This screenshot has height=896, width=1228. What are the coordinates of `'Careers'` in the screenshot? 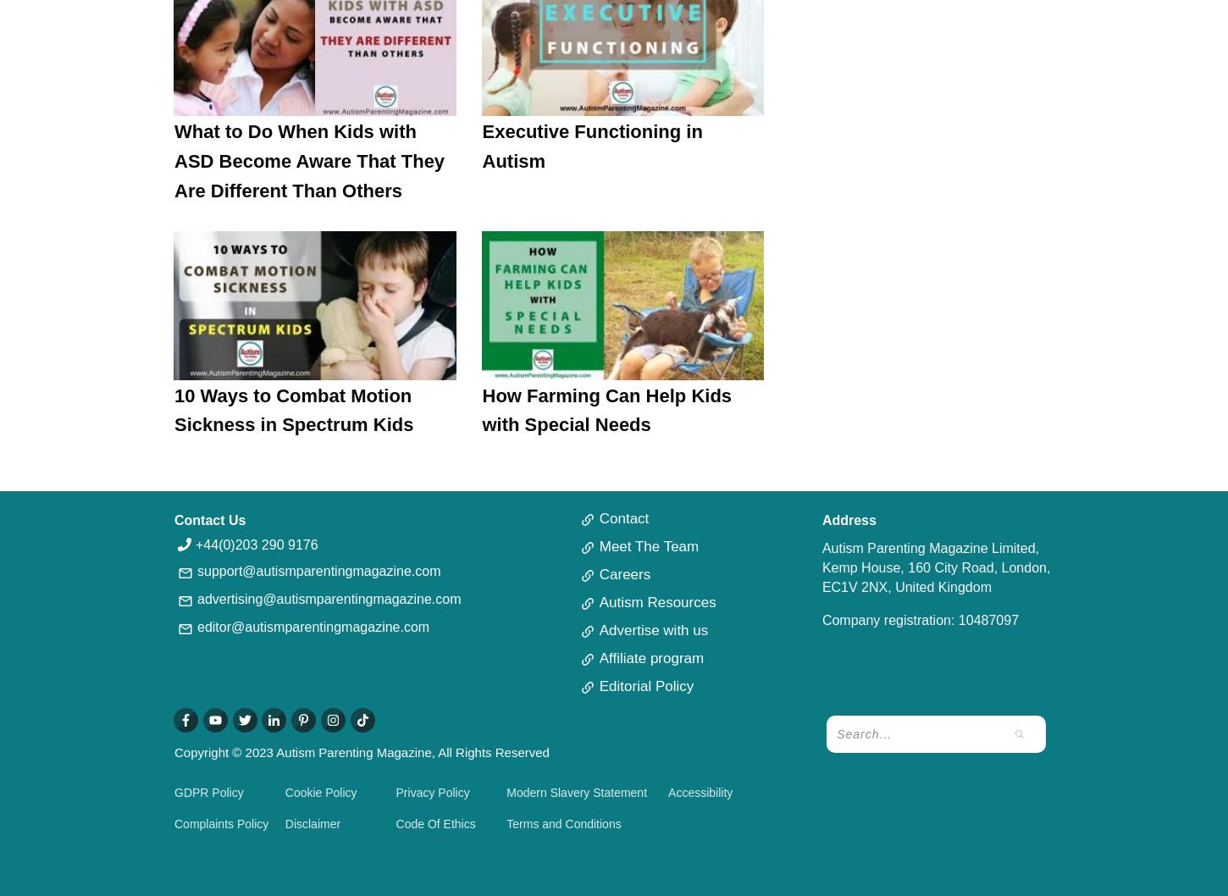 It's located at (624, 573).